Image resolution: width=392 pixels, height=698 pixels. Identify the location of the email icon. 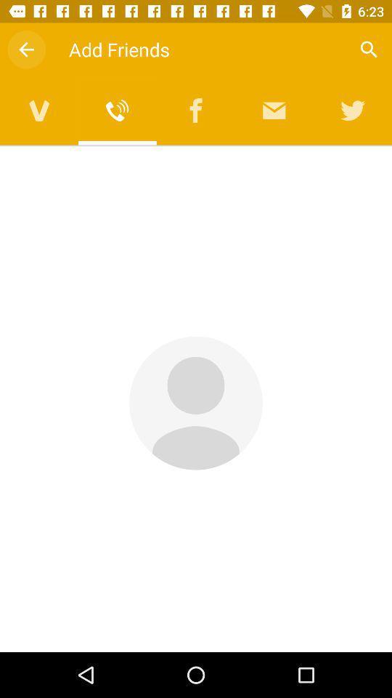
(274, 110).